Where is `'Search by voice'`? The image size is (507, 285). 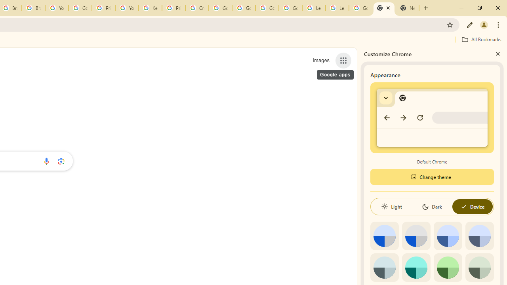
'Search by voice' is located at coordinates (46, 161).